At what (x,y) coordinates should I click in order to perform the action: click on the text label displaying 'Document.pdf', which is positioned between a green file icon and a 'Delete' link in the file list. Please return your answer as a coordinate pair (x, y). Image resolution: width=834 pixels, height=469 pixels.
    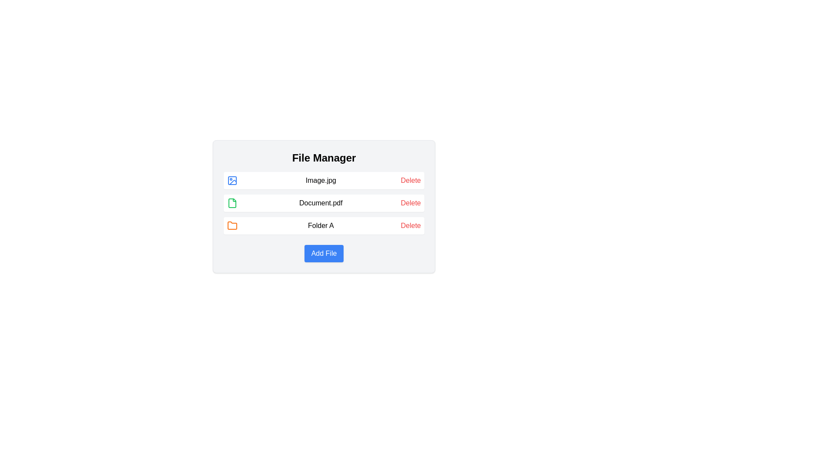
    Looking at the image, I should click on (320, 203).